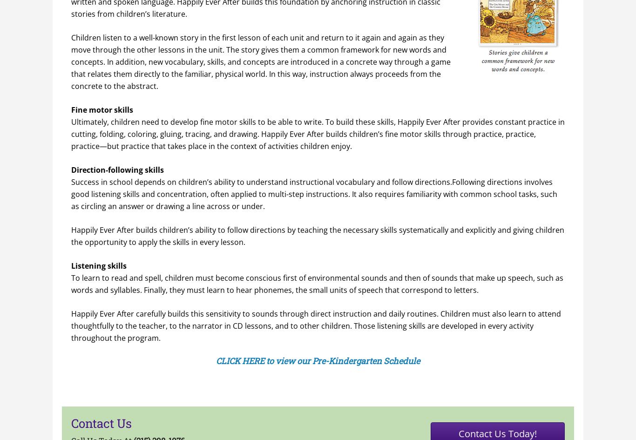  Describe the element at coordinates (318, 133) in the screenshot. I see `'Ultimately, children need to develop fine motor skills to be able to write. To build these skills, Happily Ever After provides constant practice in cutting, folding, coloring, gluing, tracing, and drawing. Happily Ever After builds children’s fine motor skills through practice, practice, practice—but practice that takes place in the context of activities children enjoy.'` at that location.